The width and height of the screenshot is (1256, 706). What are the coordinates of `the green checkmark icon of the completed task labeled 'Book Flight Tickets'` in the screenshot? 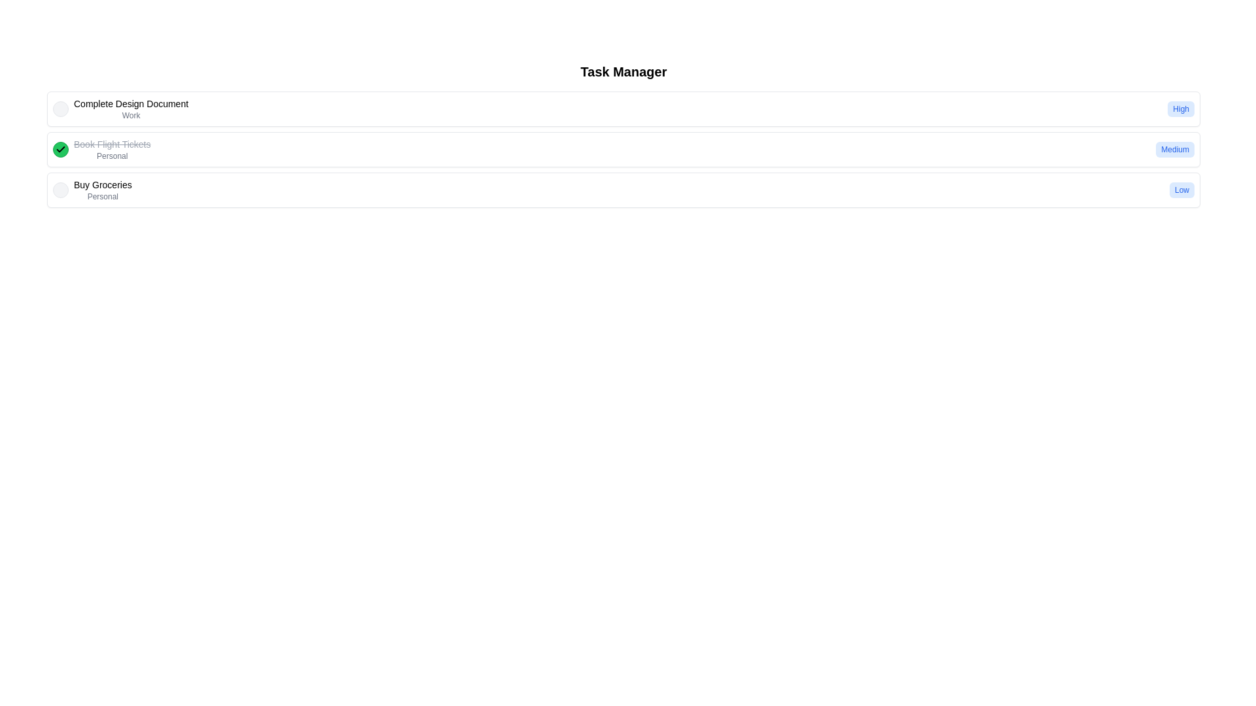 It's located at (101, 148).